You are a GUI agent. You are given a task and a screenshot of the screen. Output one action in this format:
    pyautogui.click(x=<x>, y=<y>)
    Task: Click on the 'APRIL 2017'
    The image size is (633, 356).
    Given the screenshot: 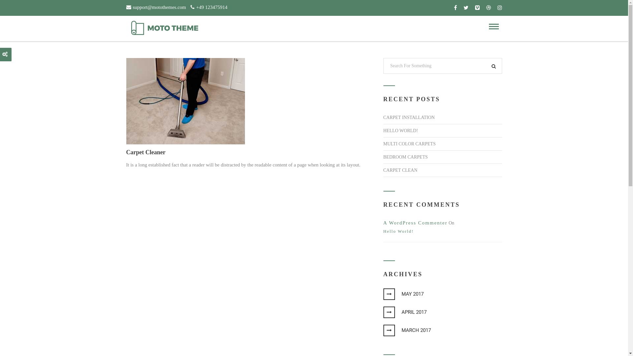 What is the action you would take?
    pyautogui.click(x=407, y=312)
    